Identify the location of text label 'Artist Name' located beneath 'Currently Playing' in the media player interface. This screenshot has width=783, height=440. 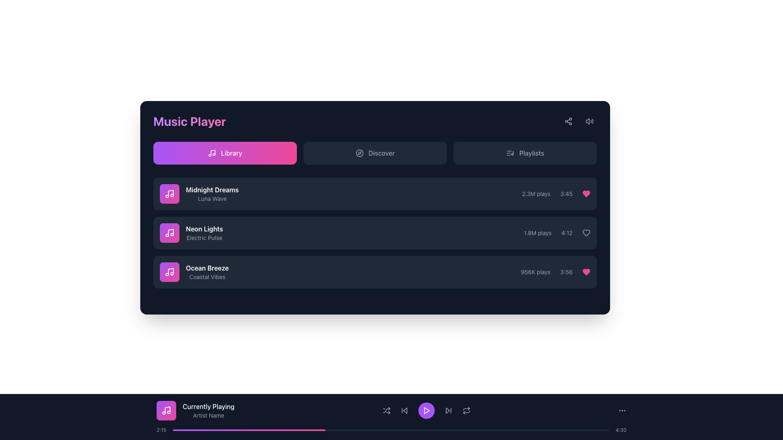
(208, 415).